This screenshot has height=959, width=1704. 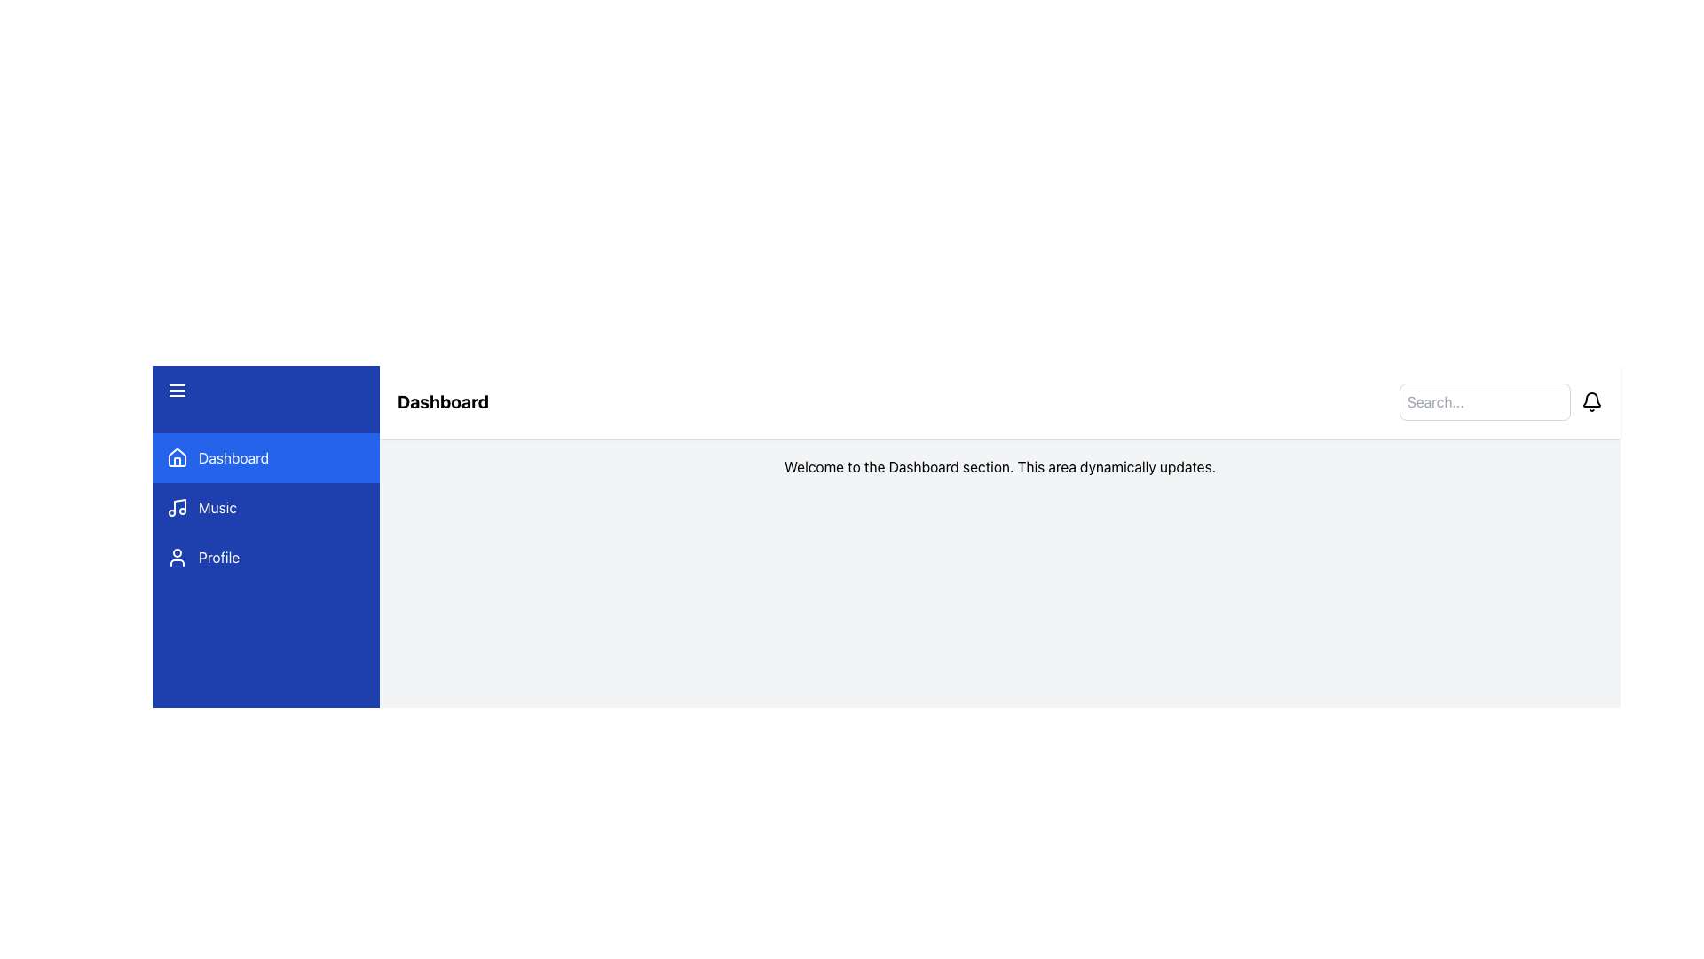 I want to click on the small line-drawn house icon located in the blue sidebar menu labeled 'Dashboard', which is visually distinct with its white color against a blue background, so click(x=177, y=457).